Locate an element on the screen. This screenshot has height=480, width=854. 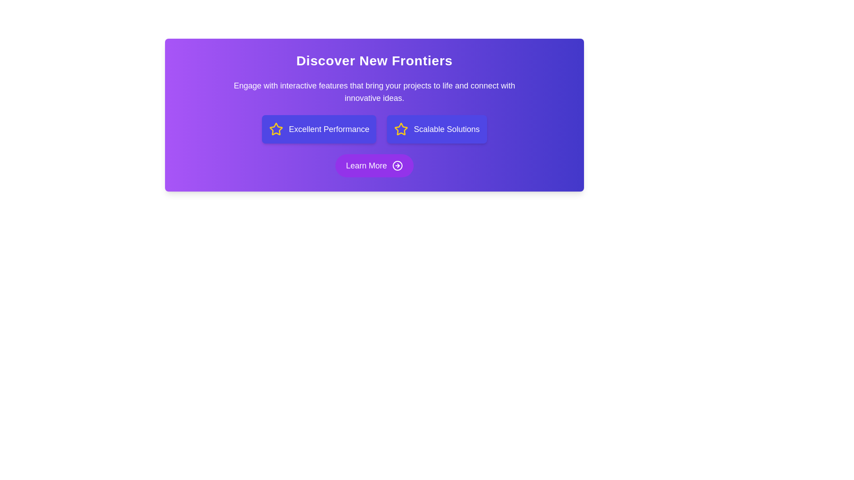
the star-shaped icon with a yellow fill and outline, located inside the blue card labeled 'Excellent Performance', positioned in the top-left corner of the two-card row beneath the heading 'Discover New Frontiers' is located at coordinates (276, 129).